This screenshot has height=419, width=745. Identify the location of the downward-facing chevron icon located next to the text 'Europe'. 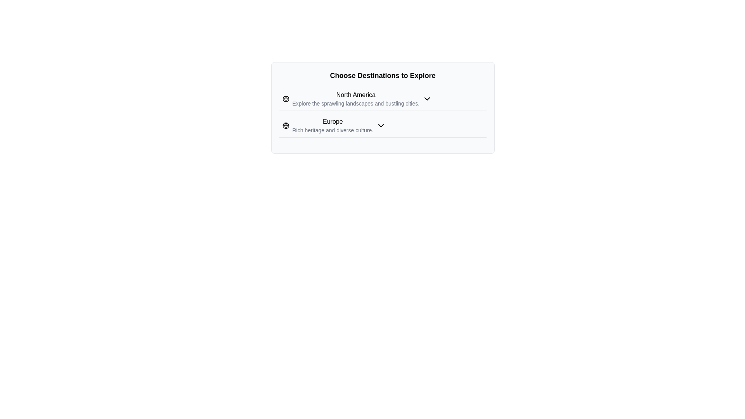
(381, 125).